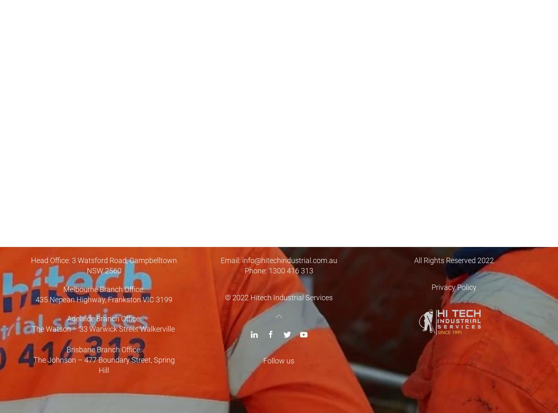  I want to click on 'The Johnson – 477 Boundary Street, Spring Hill', so click(33, 365).